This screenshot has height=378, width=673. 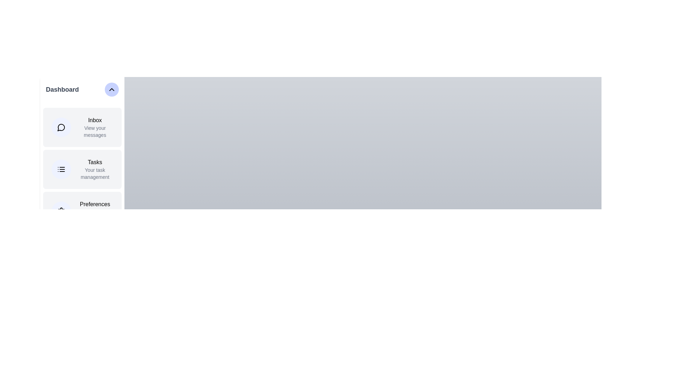 What do you see at coordinates (82, 127) in the screenshot?
I see `the menu item Inbox` at bounding box center [82, 127].